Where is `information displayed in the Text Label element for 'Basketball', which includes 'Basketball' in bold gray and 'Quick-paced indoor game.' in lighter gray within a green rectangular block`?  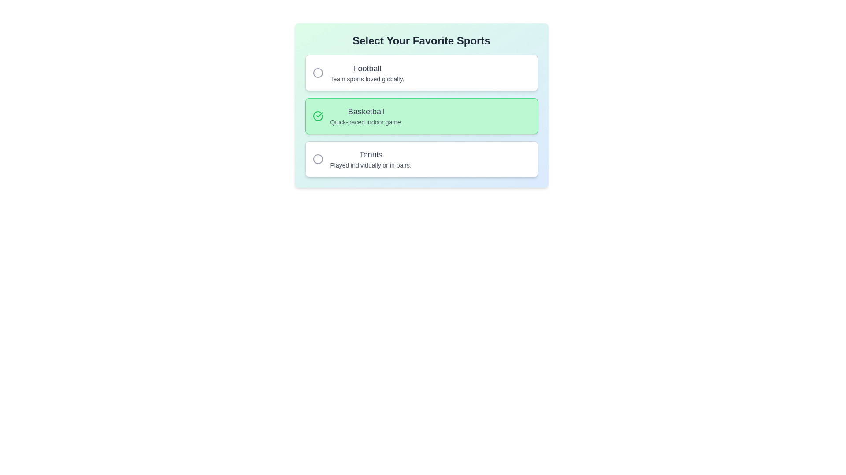 information displayed in the Text Label element for 'Basketball', which includes 'Basketball' in bold gray and 'Quick-paced indoor game.' in lighter gray within a green rectangular block is located at coordinates (366, 115).